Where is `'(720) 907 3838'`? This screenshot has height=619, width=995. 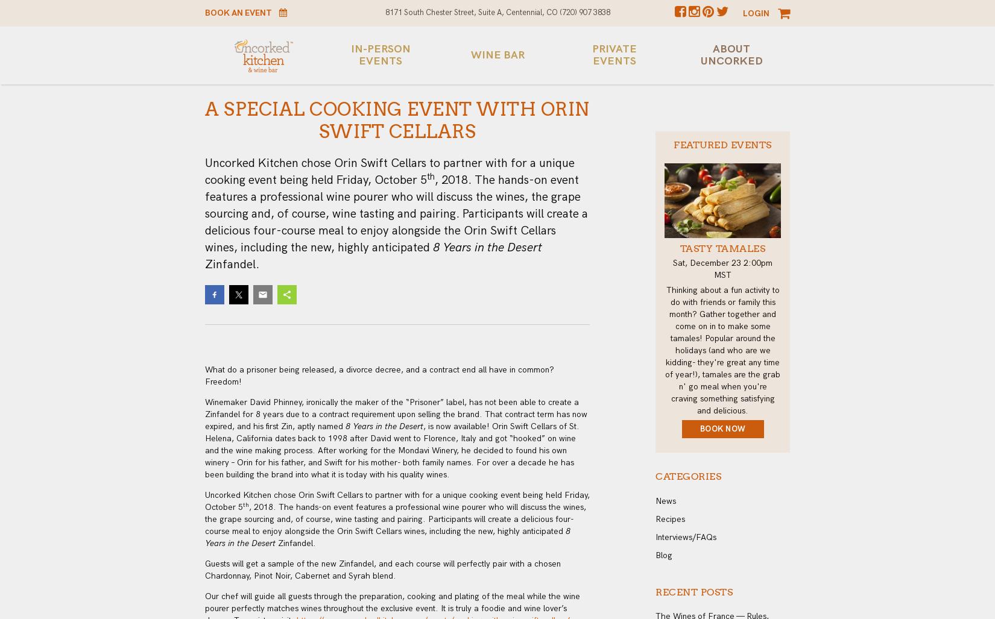 '(720) 907 3838' is located at coordinates (584, 12).